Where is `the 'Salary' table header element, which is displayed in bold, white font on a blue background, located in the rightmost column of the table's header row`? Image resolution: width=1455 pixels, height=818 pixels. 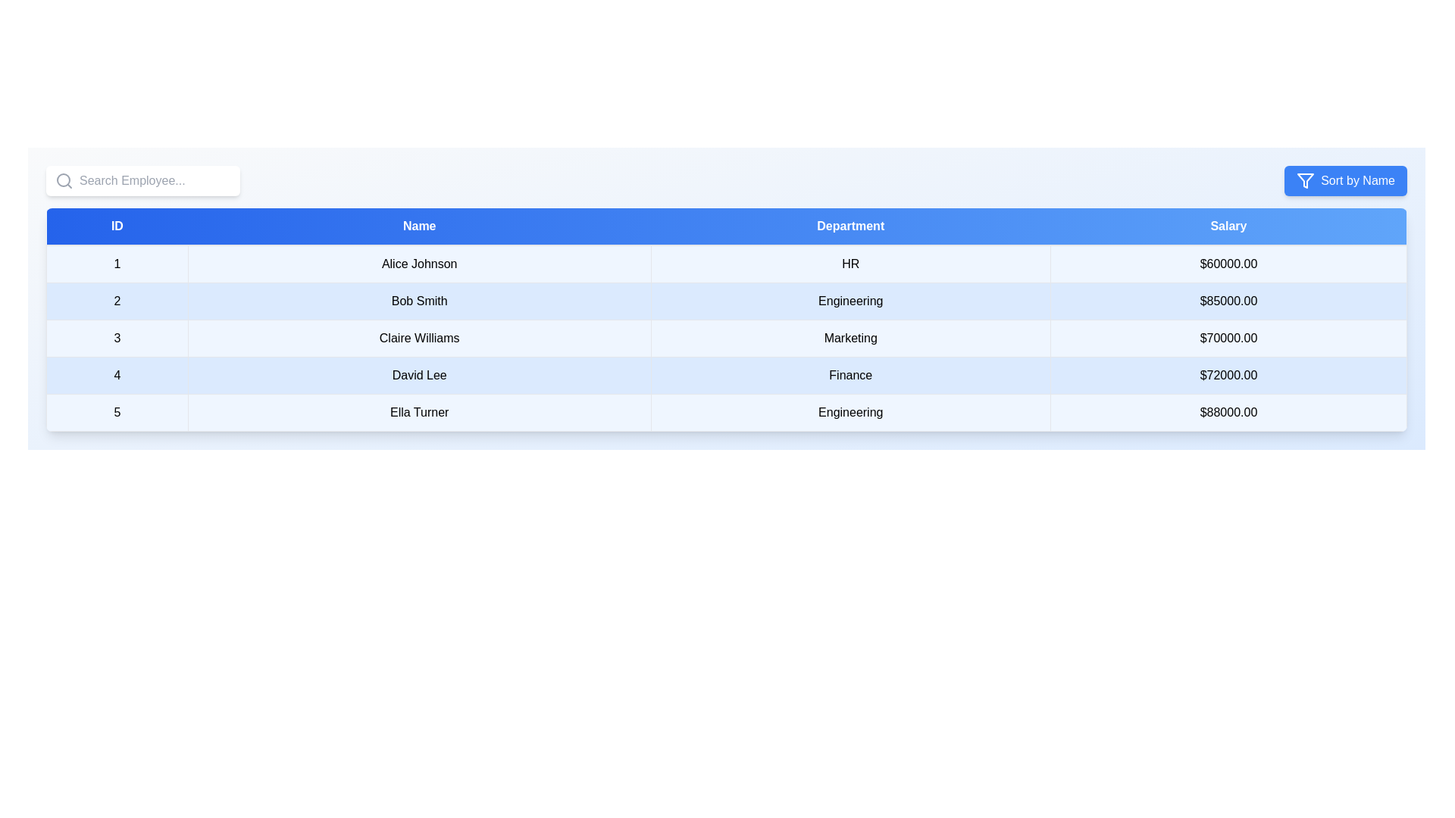 the 'Salary' table header element, which is displayed in bold, white font on a blue background, located in the rightmost column of the table's header row is located at coordinates (1228, 226).